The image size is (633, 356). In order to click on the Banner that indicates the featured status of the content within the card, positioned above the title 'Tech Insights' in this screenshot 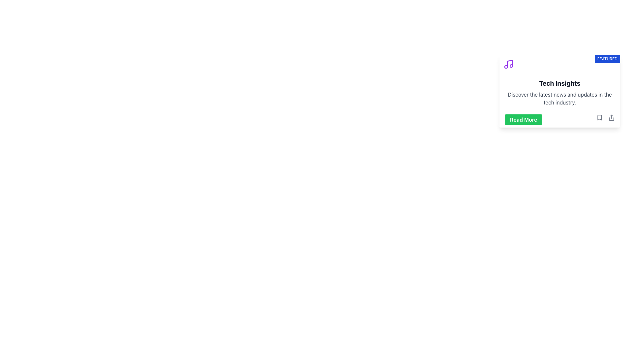, I will do `click(559, 64)`.